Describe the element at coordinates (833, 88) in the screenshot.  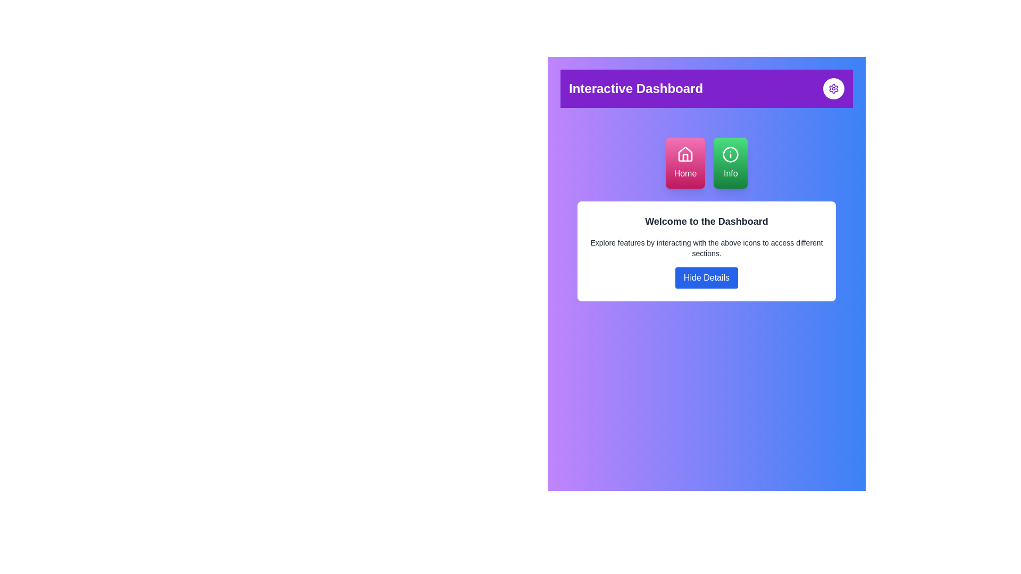
I see `the settings icon located in the top-right corner of the header section, which serves as a button` at that location.